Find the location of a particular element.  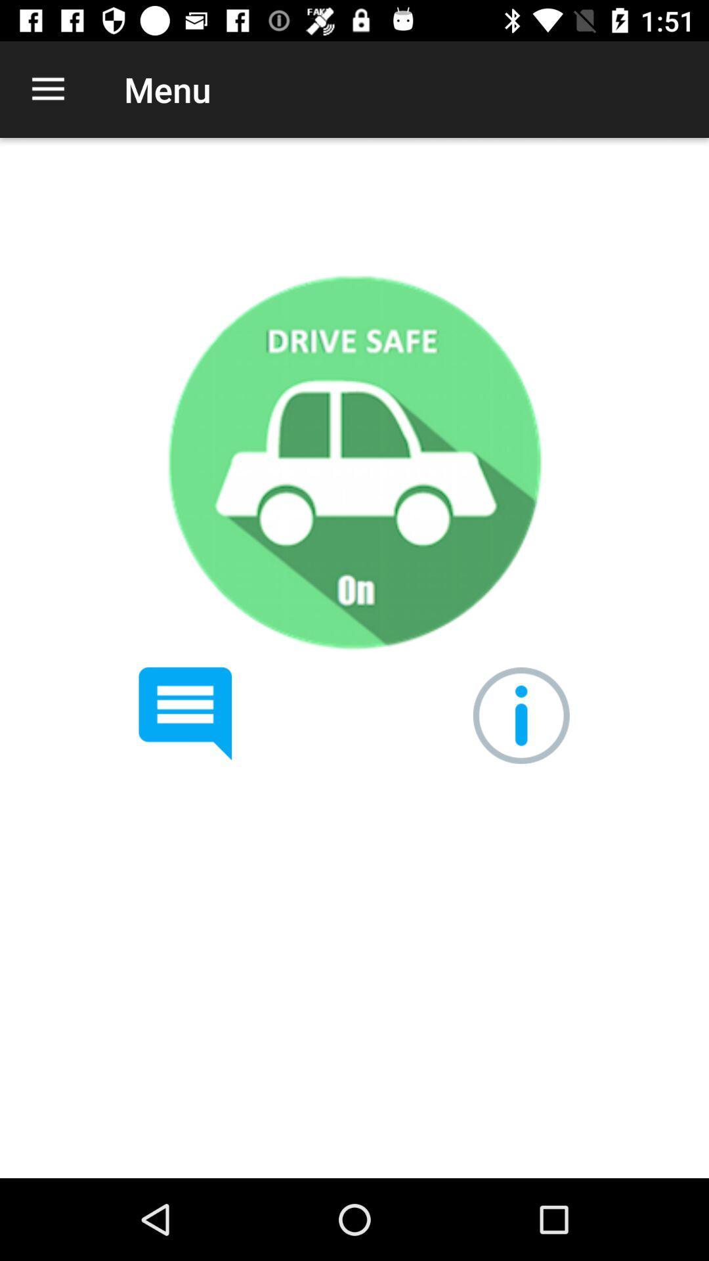

info button is located at coordinates (521, 715).